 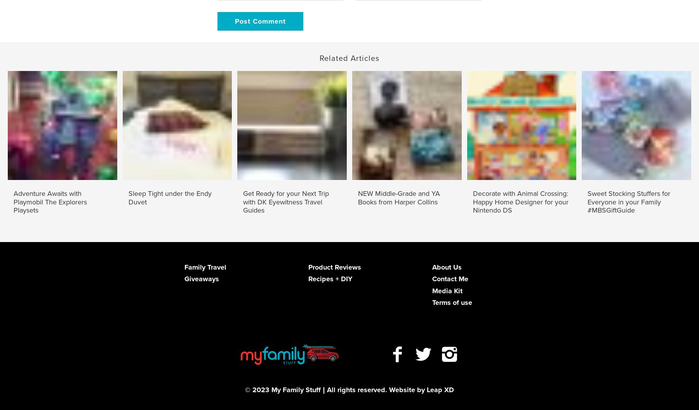 What do you see at coordinates (334, 266) in the screenshot?
I see `'Product Reviews'` at bounding box center [334, 266].